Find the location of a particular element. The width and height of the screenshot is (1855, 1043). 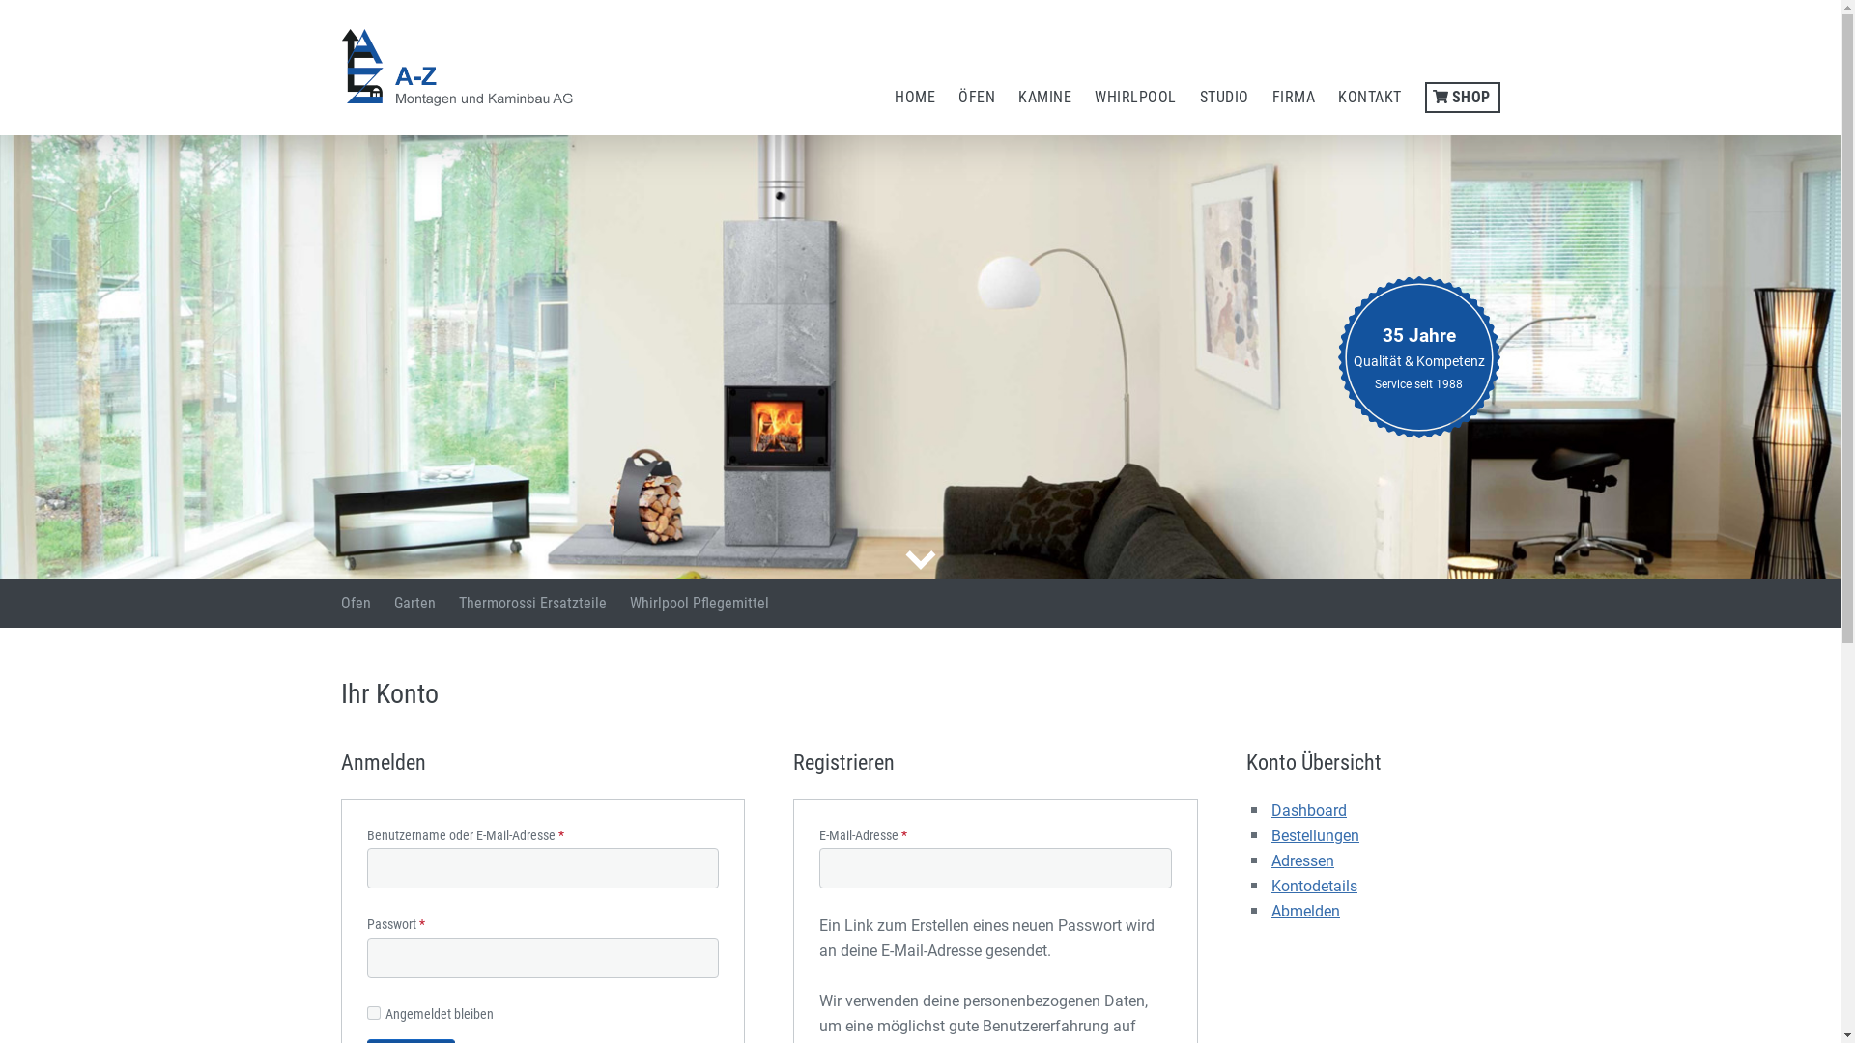

'KONTAKT' is located at coordinates (1368, 97).